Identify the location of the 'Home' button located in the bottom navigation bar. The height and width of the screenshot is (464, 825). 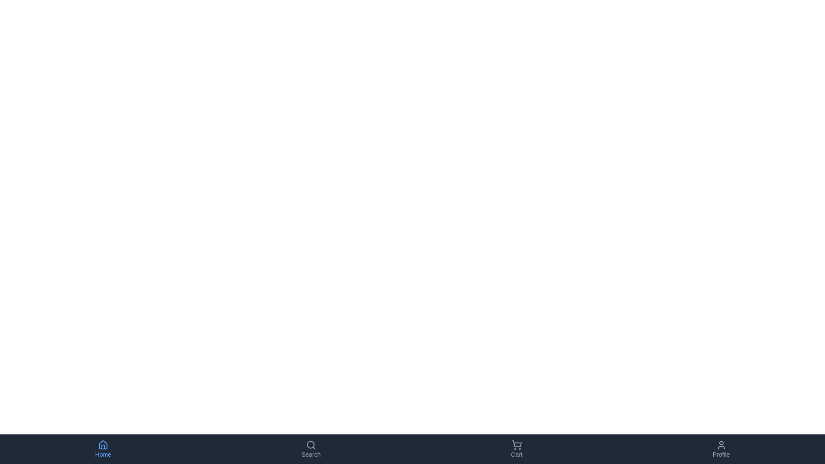
(103, 449).